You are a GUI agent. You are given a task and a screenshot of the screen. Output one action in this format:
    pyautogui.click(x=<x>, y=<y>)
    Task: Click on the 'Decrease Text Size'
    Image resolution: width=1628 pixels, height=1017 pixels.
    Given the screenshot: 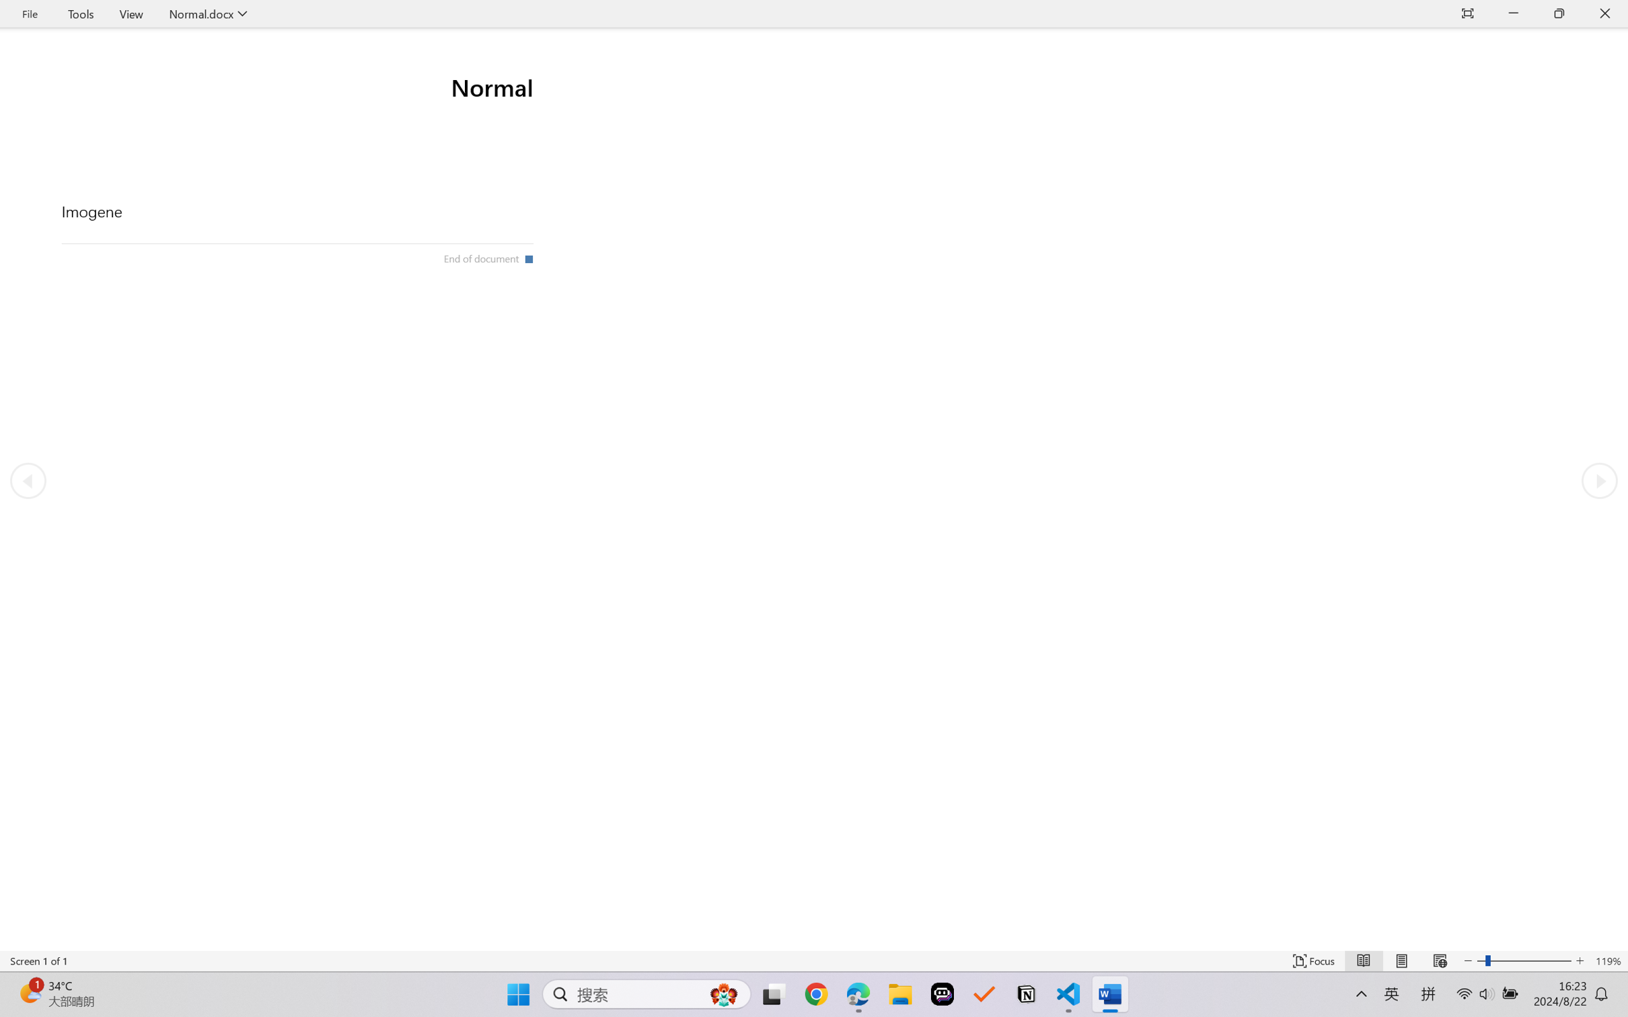 What is the action you would take?
    pyautogui.click(x=1468, y=961)
    